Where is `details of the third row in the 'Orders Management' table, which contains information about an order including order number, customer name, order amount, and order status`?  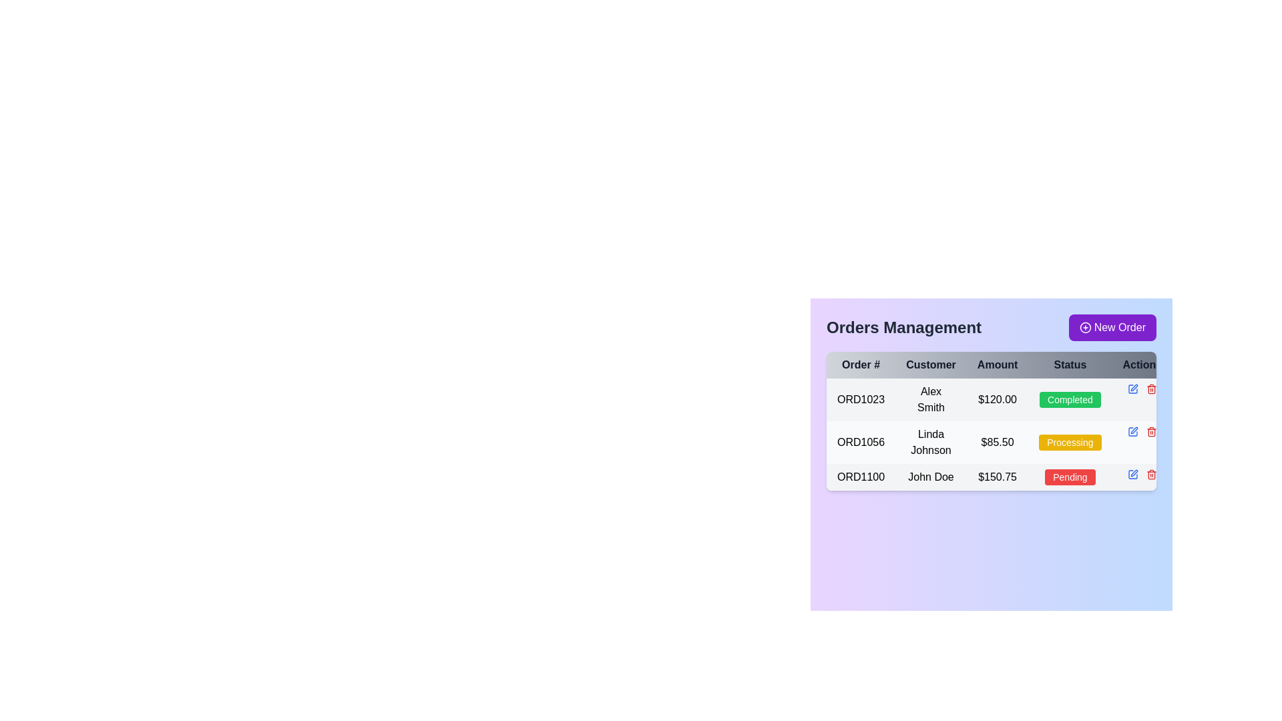
details of the third row in the 'Orders Management' table, which contains information about an order including order number, customer name, order amount, and order status is located at coordinates (1000, 476).